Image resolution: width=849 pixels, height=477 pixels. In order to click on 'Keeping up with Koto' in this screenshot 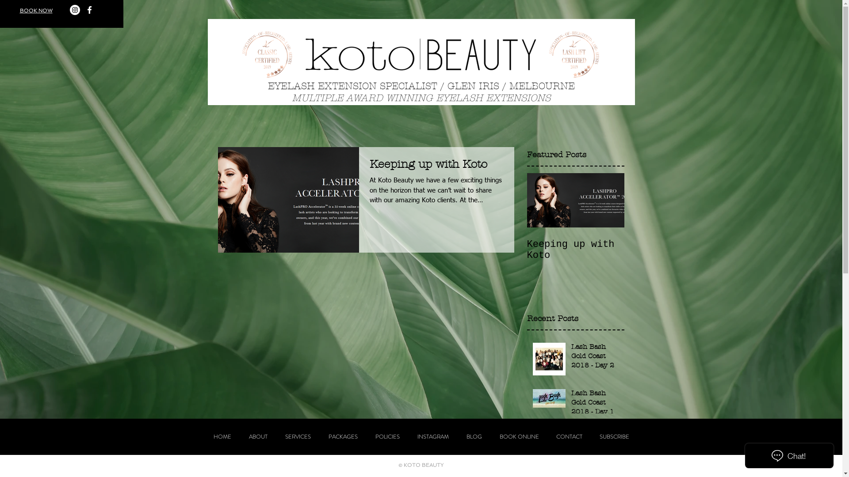, I will do `click(575, 250)`.